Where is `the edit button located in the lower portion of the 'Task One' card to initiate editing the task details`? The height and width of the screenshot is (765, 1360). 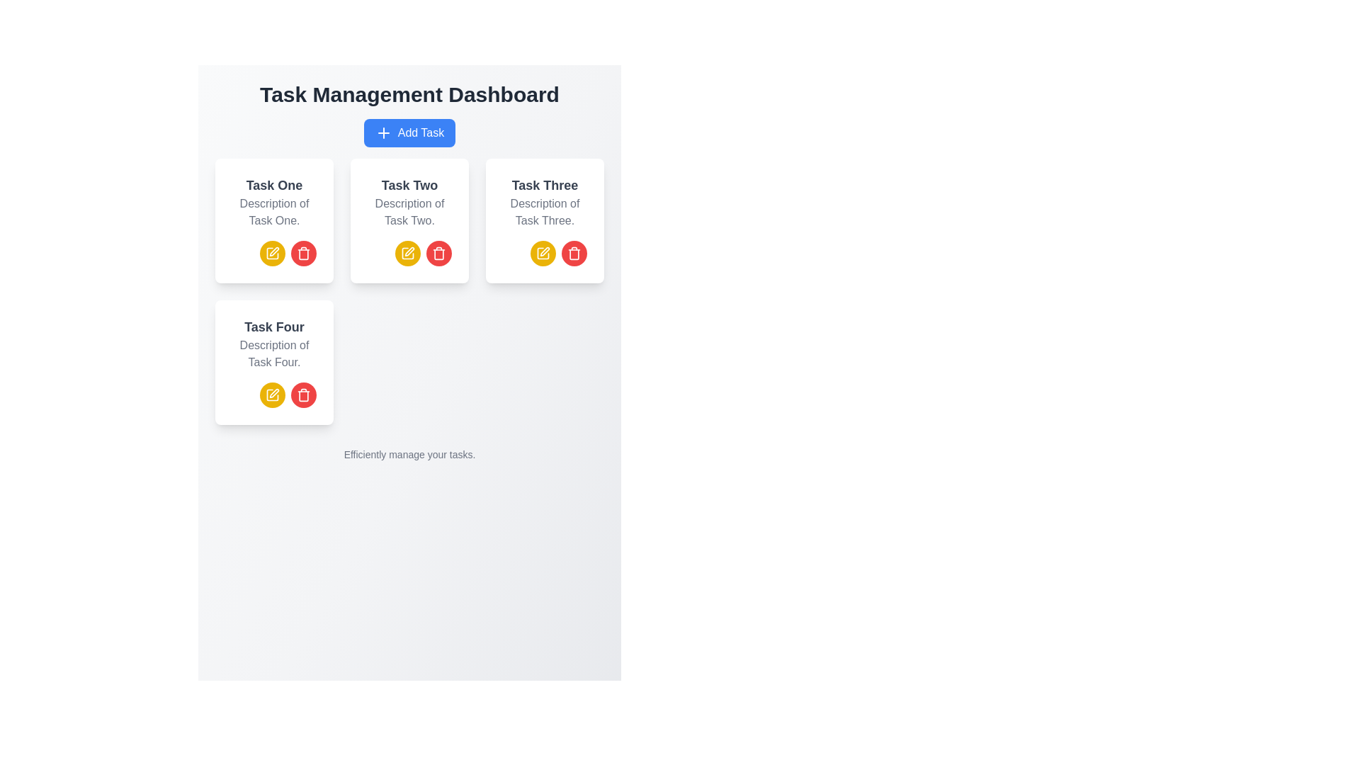 the edit button located in the lower portion of the 'Task One' card to initiate editing the task details is located at coordinates (274, 253).